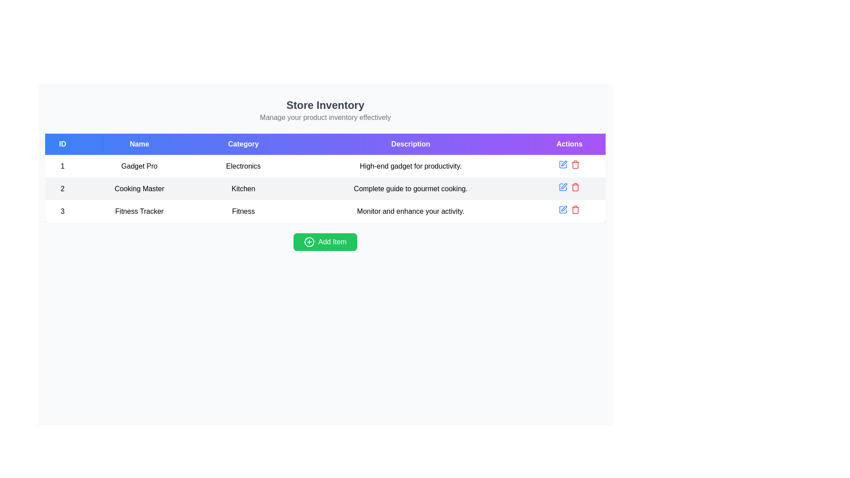 Image resolution: width=850 pixels, height=478 pixels. What do you see at coordinates (139, 144) in the screenshot?
I see `the 'Name' column header in the table, which is the second item in the header row, located between the 'ID' and 'Category' headers` at bounding box center [139, 144].